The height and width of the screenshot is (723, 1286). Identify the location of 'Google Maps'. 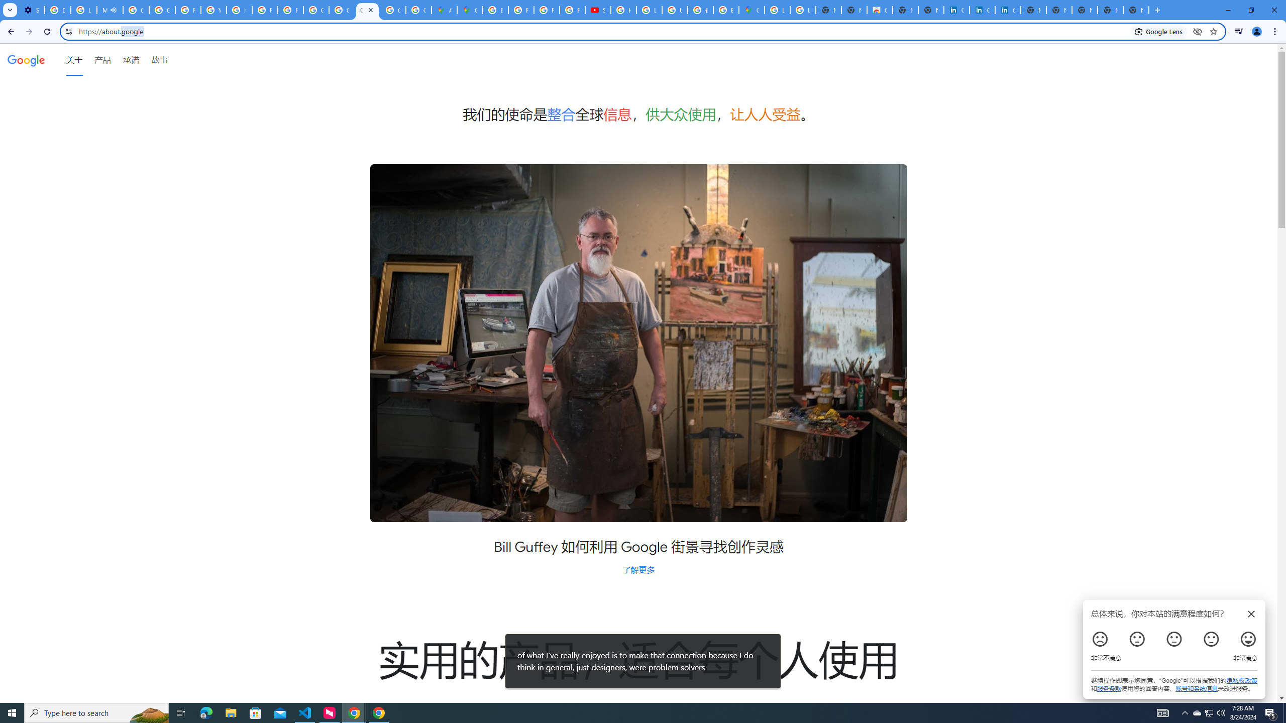
(752, 10).